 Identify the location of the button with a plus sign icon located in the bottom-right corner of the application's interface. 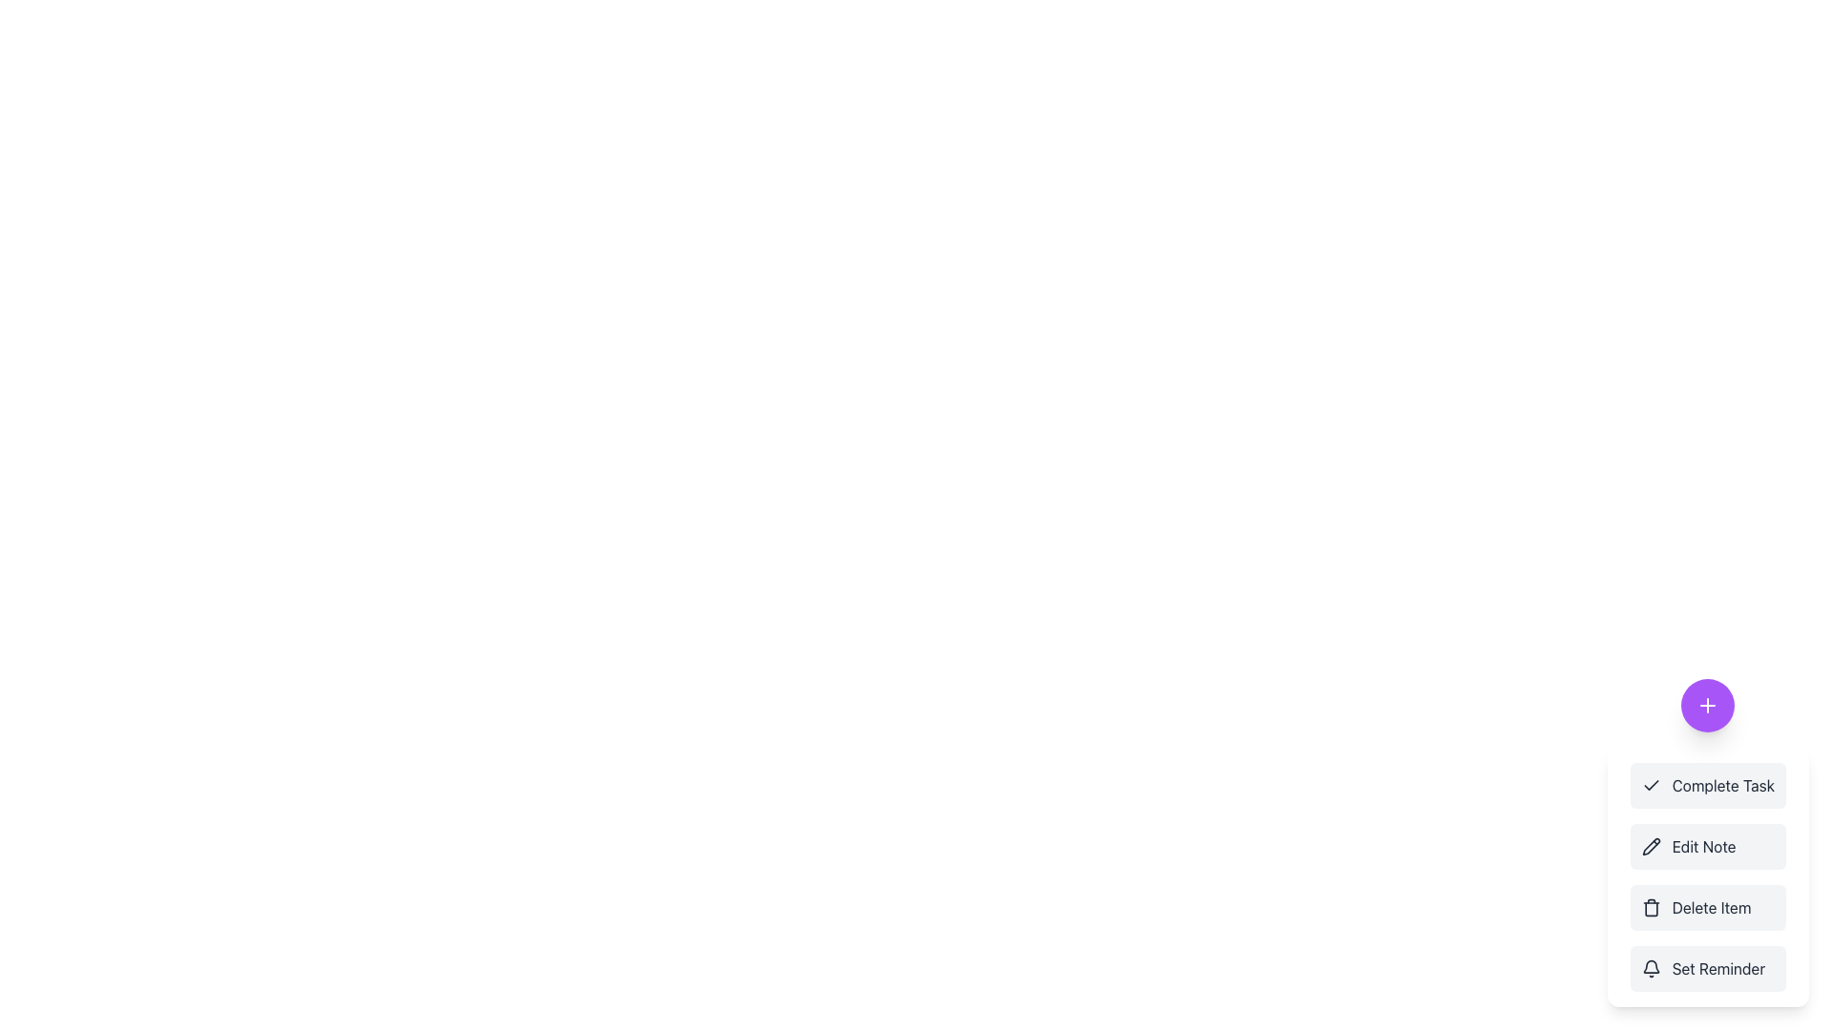
(1708, 706).